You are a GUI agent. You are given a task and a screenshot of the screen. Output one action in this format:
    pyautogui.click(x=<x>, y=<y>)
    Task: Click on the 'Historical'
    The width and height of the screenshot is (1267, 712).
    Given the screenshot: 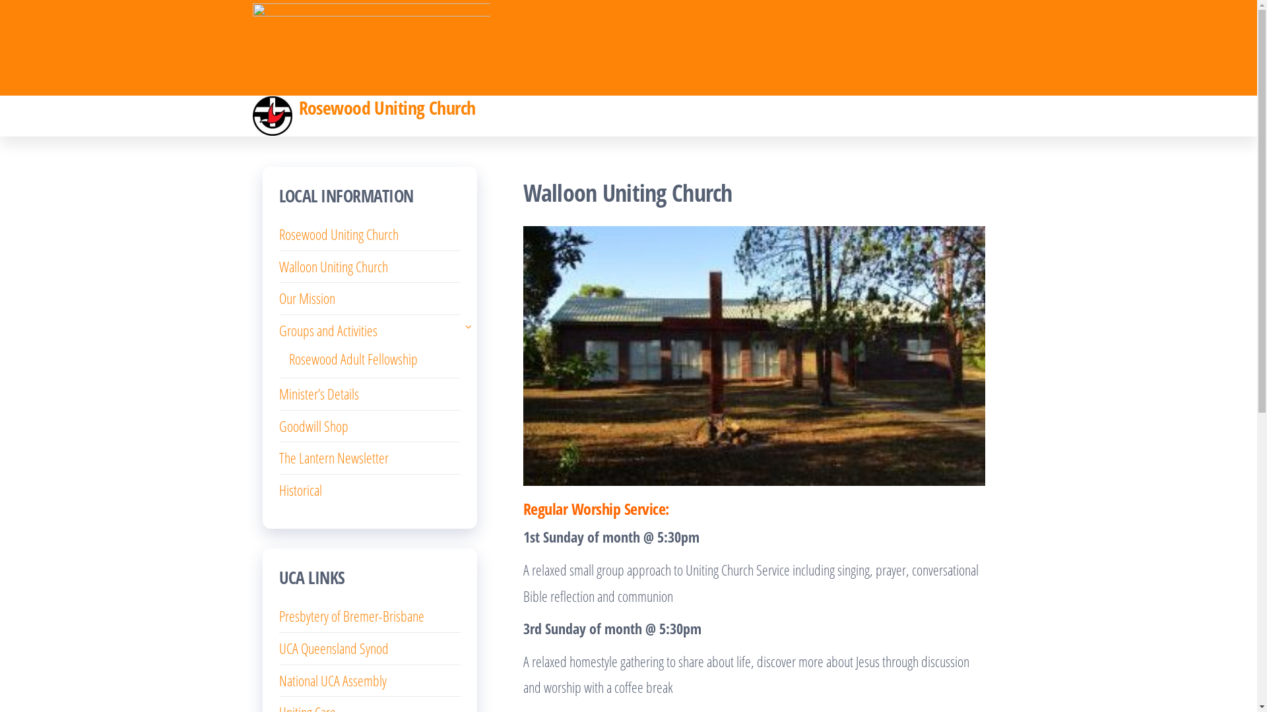 What is the action you would take?
    pyautogui.click(x=278, y=490)
    